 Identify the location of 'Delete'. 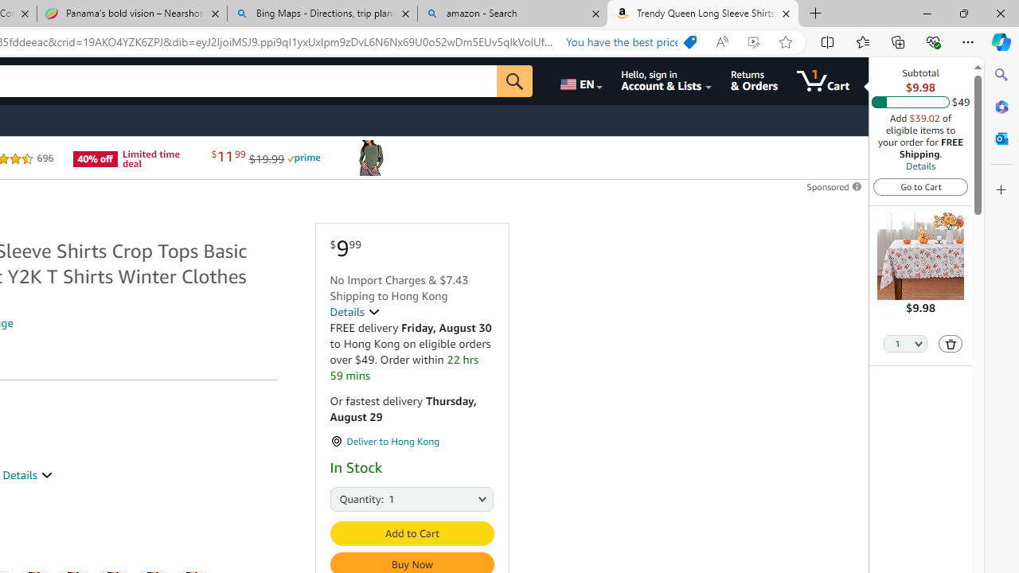
(951, 343).